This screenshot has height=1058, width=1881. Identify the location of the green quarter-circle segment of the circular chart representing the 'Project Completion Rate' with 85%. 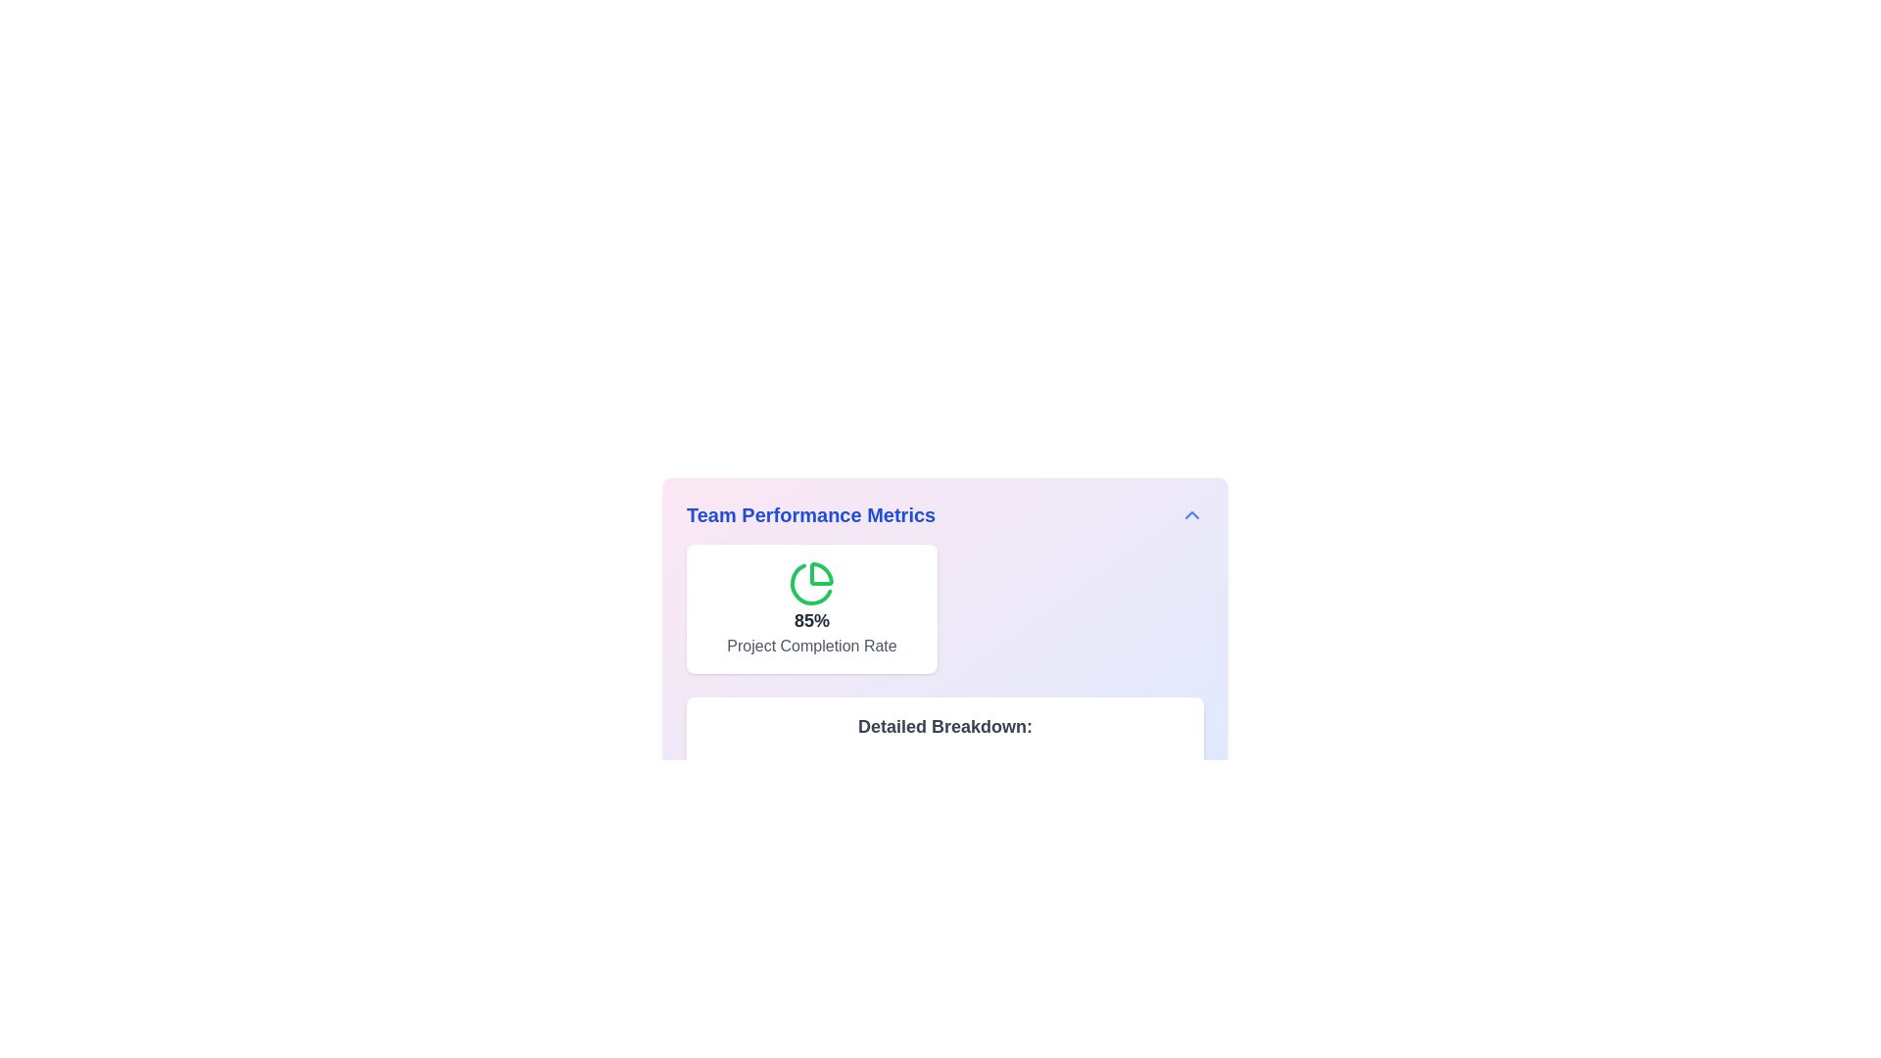
(822, 573).